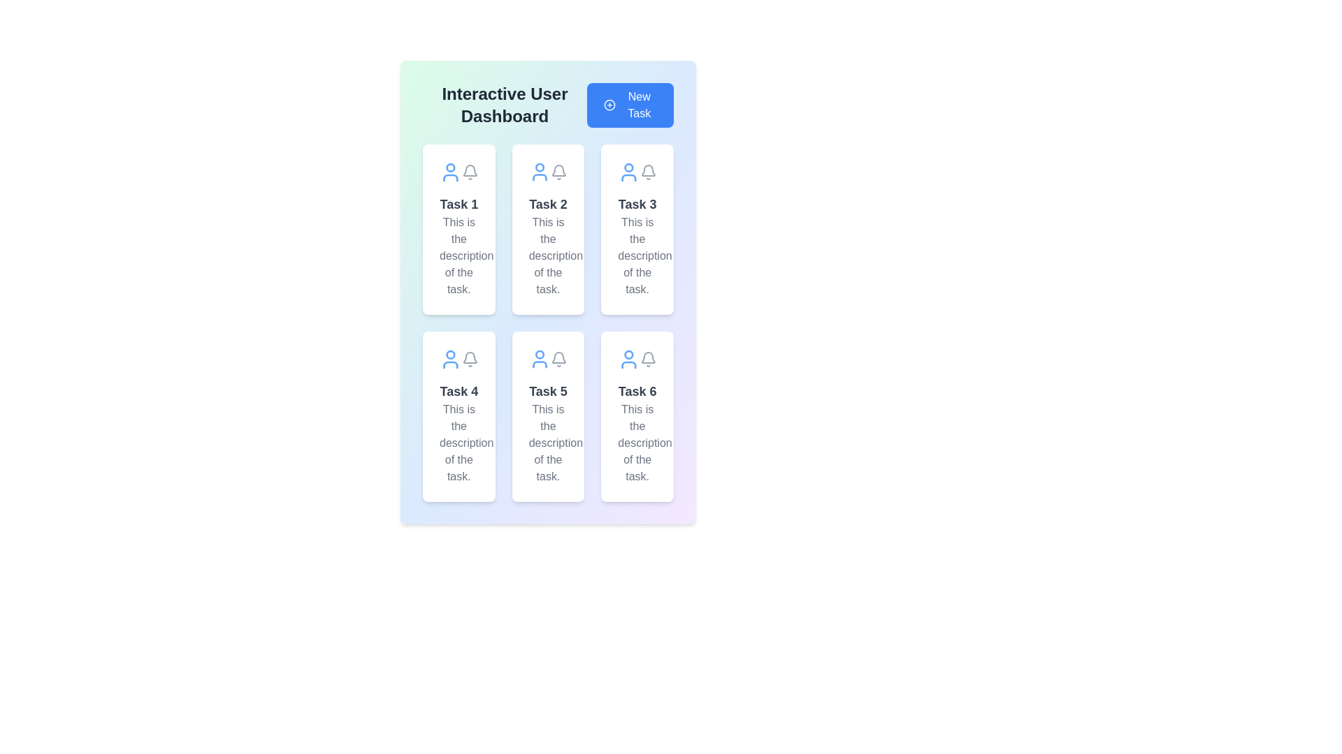 This screenshot has width=1342, height=754. Describe the element at coordinates (450, 177) in the screenshot. I see `the decorative user profile icon located above the title 'Task 1' in the first column and first row of the card layout` at that location.